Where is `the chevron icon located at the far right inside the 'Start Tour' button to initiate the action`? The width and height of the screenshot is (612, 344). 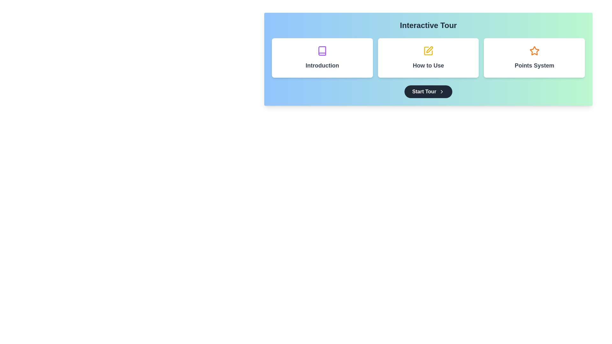 the chevron icon located at the far right inside the 'Start Tour' button to initiate the action is located at coordinates (441, 92).